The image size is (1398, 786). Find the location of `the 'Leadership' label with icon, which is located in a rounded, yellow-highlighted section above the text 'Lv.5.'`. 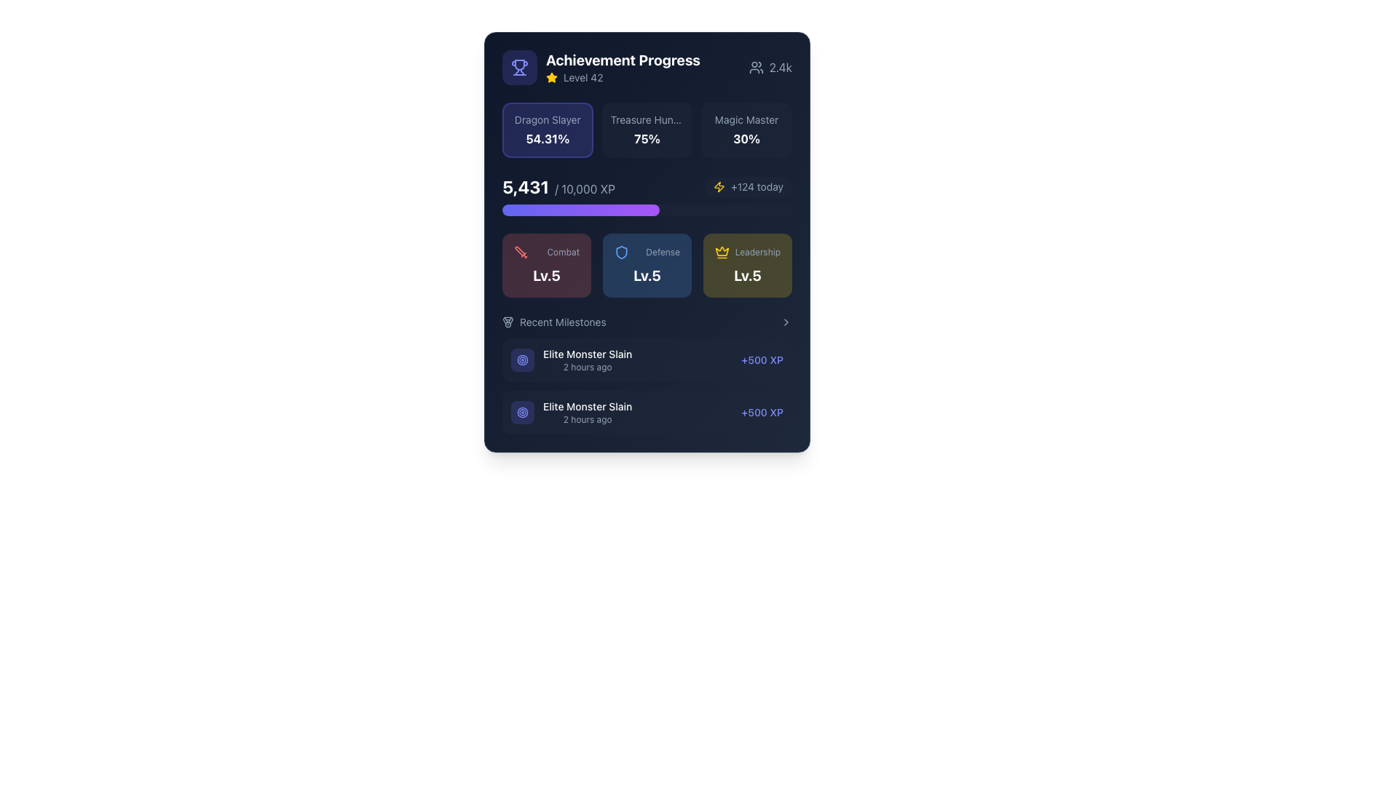

the 'Leadership' label with icon, which is located in a rounded, yellow-highlighted section above the text 'Lv.5.' is located at coordinates (748, 252).